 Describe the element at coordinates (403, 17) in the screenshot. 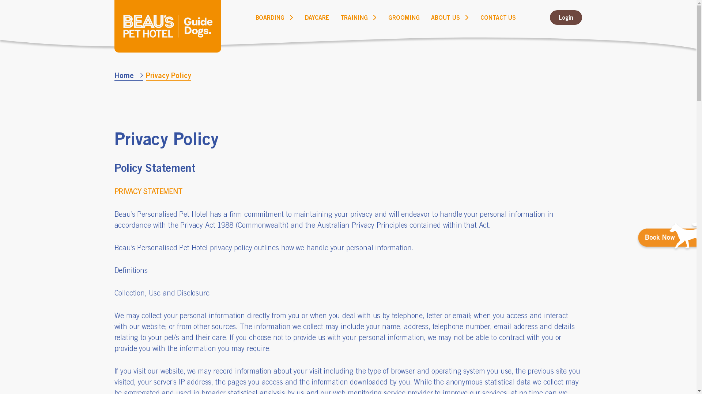

I see `'GROOMING'` at that location.